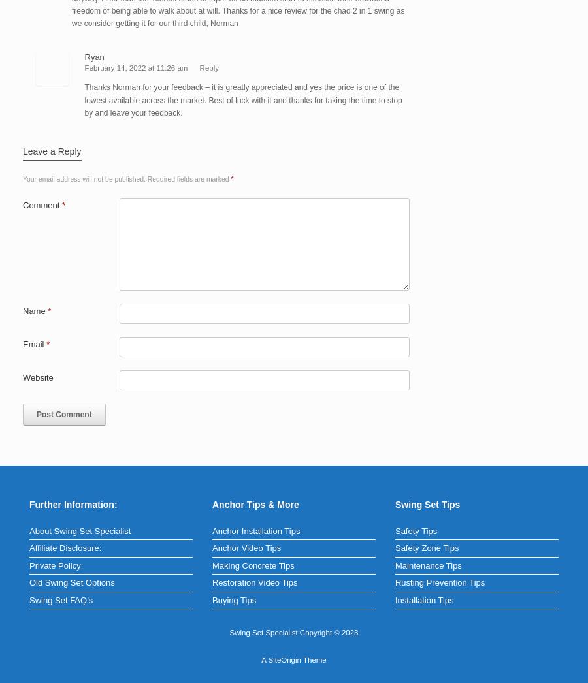 This screenshot has height=683, width=588. Describe the element at coordinates (394, 564) in the screenshot. I see `'Maintenance Tips'` at that location.